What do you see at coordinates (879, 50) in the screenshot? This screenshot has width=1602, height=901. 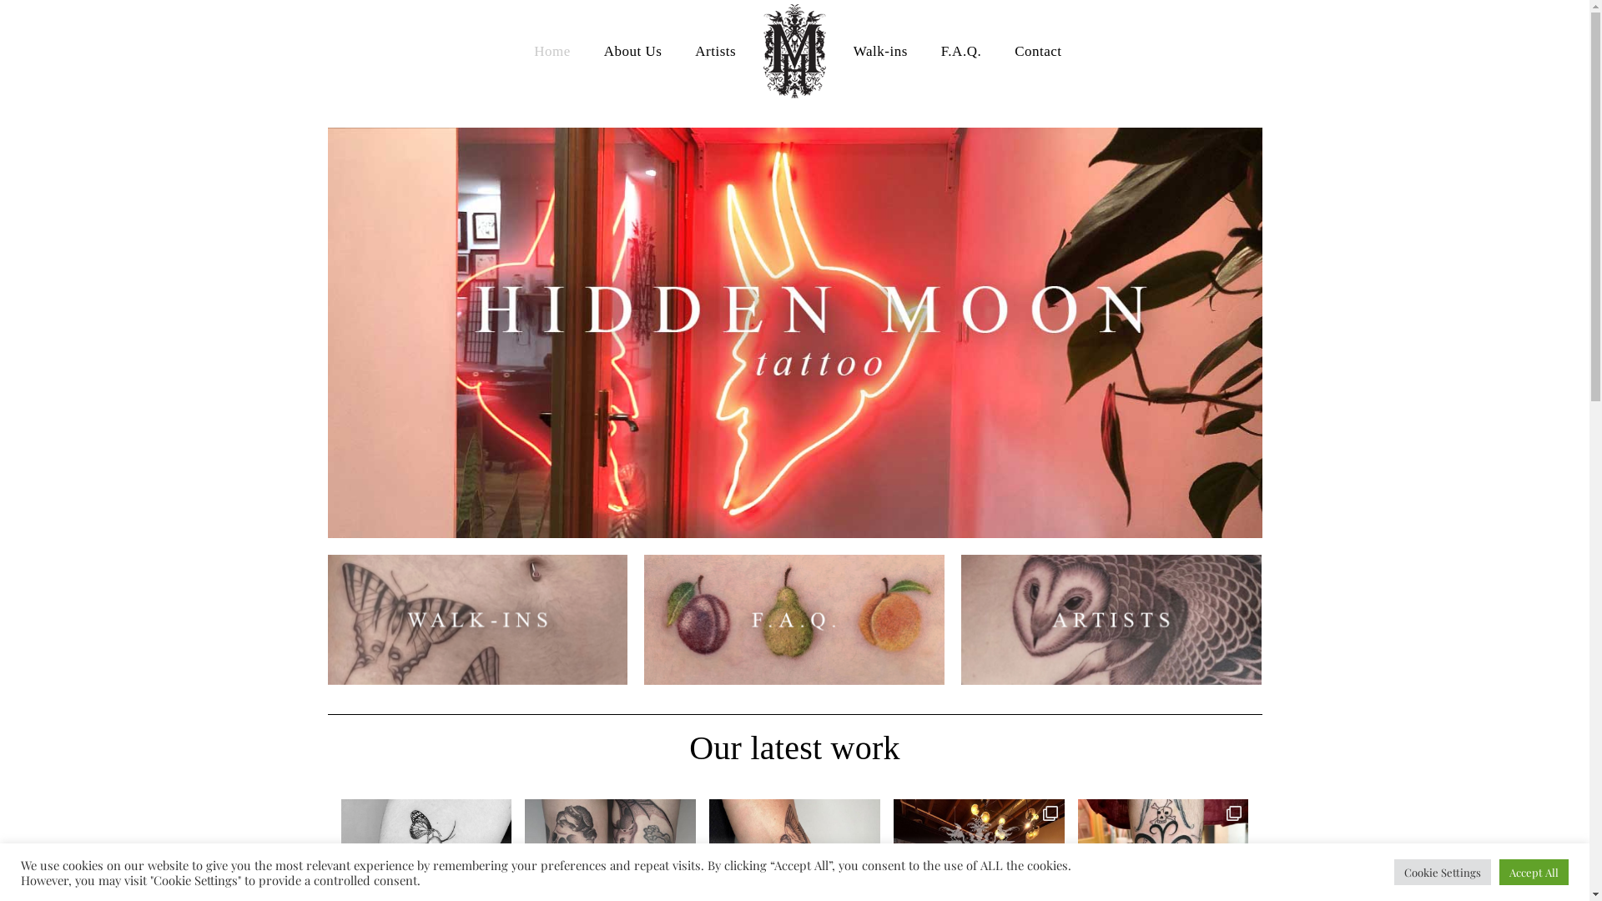 I see `'Walk-ins'` at bounding box center [879, 50].